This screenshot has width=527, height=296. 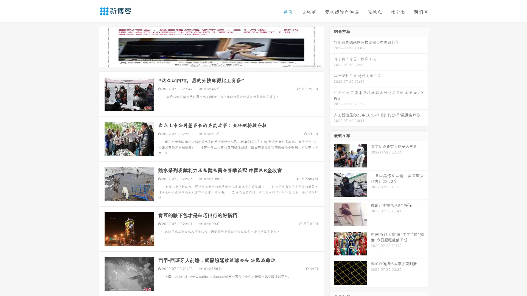 I want to click on Go to slide 1, so click(x=205, y=62).